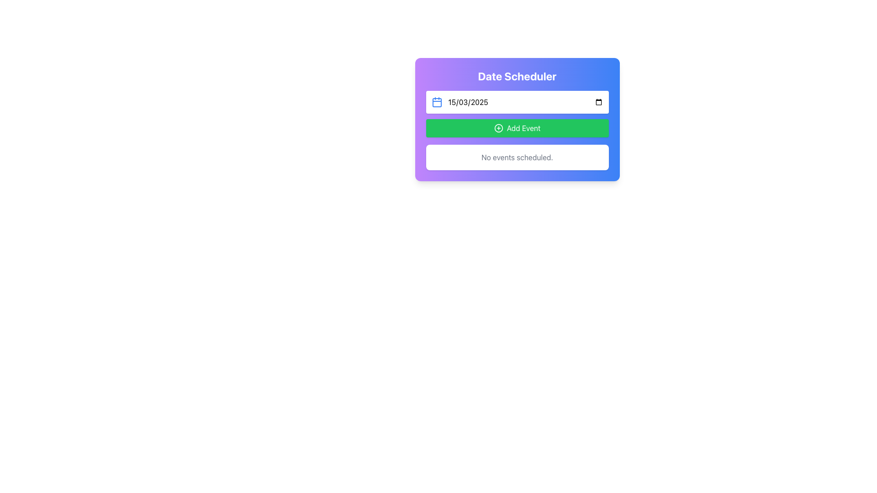  I want to click on the green button labeled 'Add Event', so click(517, 114).